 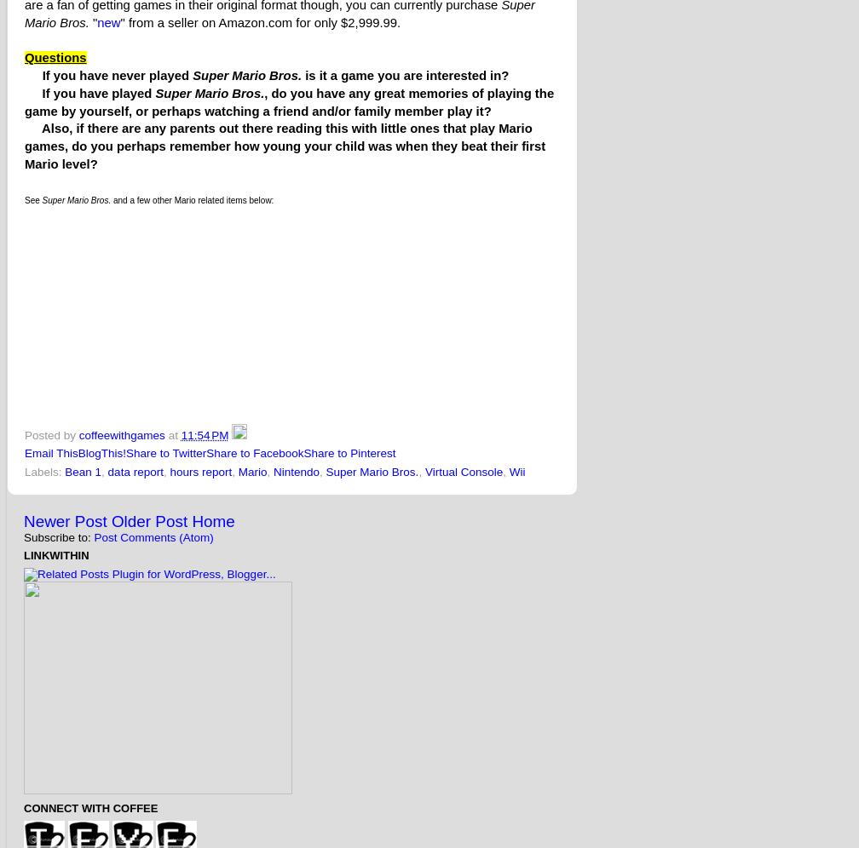 What do you see at coordinates (252, 470) in the screenshot?
I see `'Mario'` at bounding box center [252, 470].